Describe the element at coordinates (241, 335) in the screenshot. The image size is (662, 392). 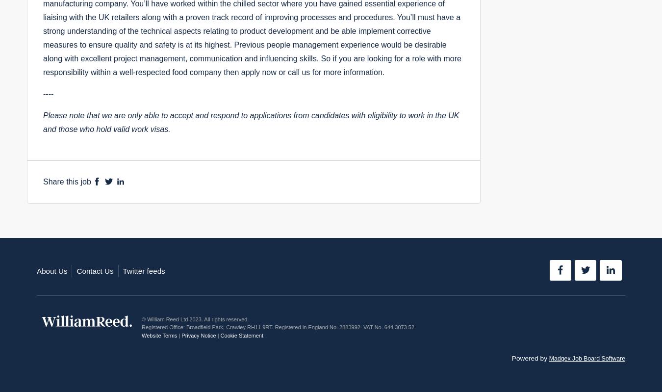
I see `'Cookie Statement'` at that location.